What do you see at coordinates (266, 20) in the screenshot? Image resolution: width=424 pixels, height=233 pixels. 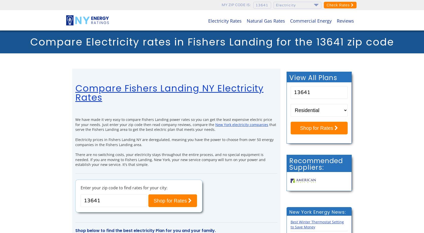 I see `'Natural Gas Rates'` at bounding box center [266, 20].